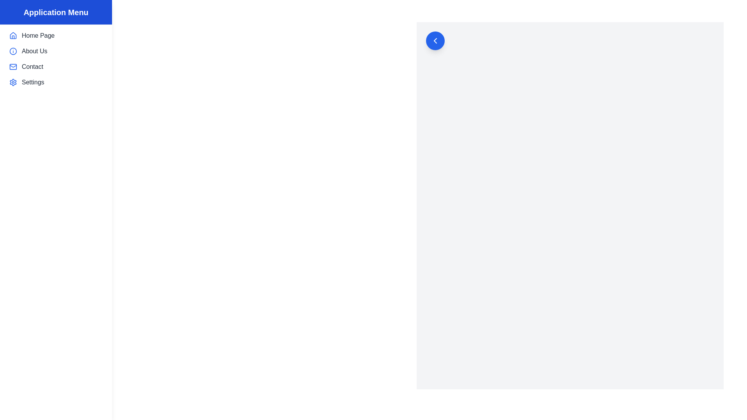 This screenshot has height=420, width=747. Describe the element at coordinates (56, 82) in the screenshot. I see `the 'Settings' navigation menu item, which is the fourth item in the vertical menu, to change its color from gray to blue` at that location.